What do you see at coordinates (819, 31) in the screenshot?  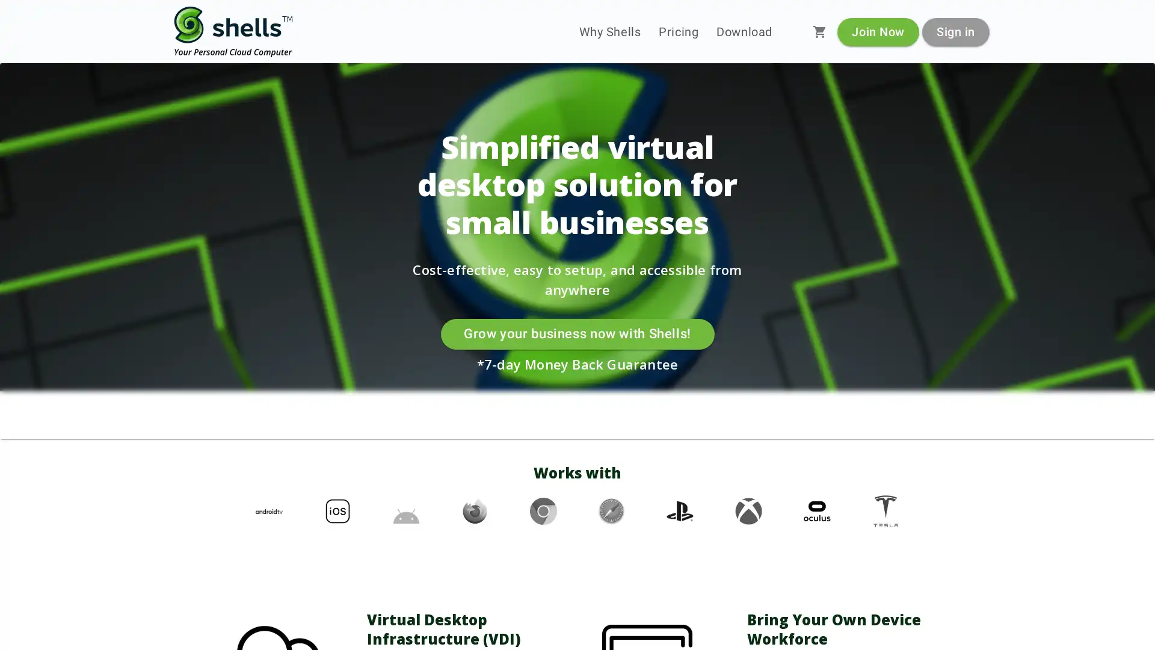 I see `cart` at bounding box center [819, 31].